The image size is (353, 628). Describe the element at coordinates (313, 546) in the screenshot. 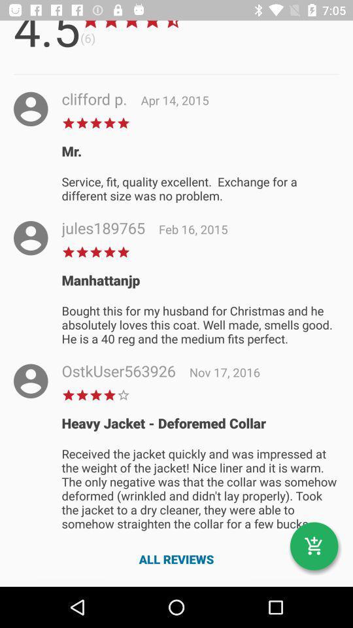

I see `the cart icon` at that location.